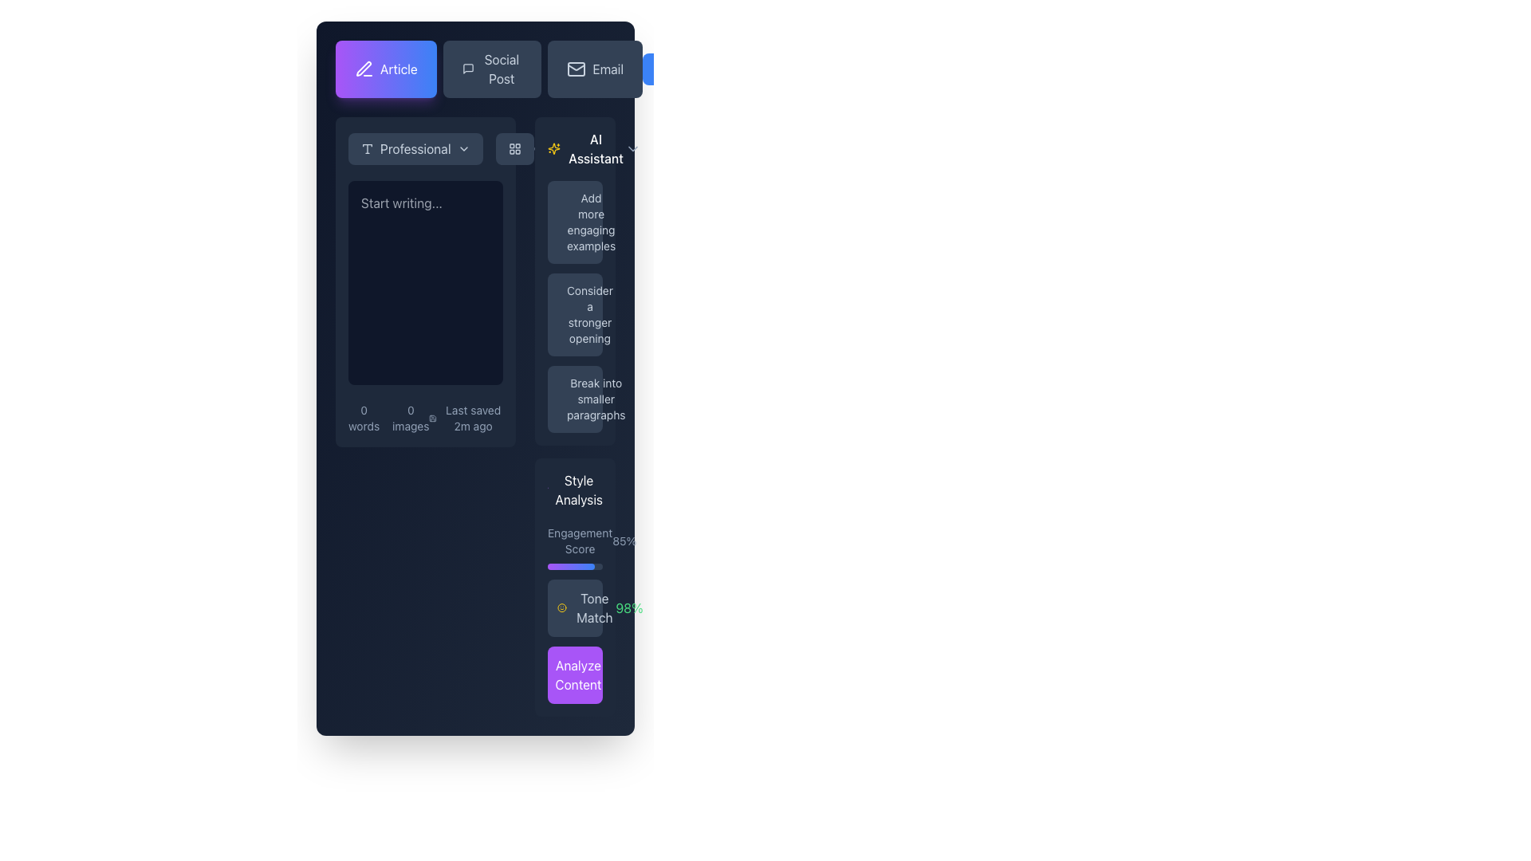 Image resolution: width=1531 pixels, height=861 pixels. I want to click on the downward-pointing chevron icon, which is white against a dark background and located to the right of the 'Professional' text, so click(462, 148).